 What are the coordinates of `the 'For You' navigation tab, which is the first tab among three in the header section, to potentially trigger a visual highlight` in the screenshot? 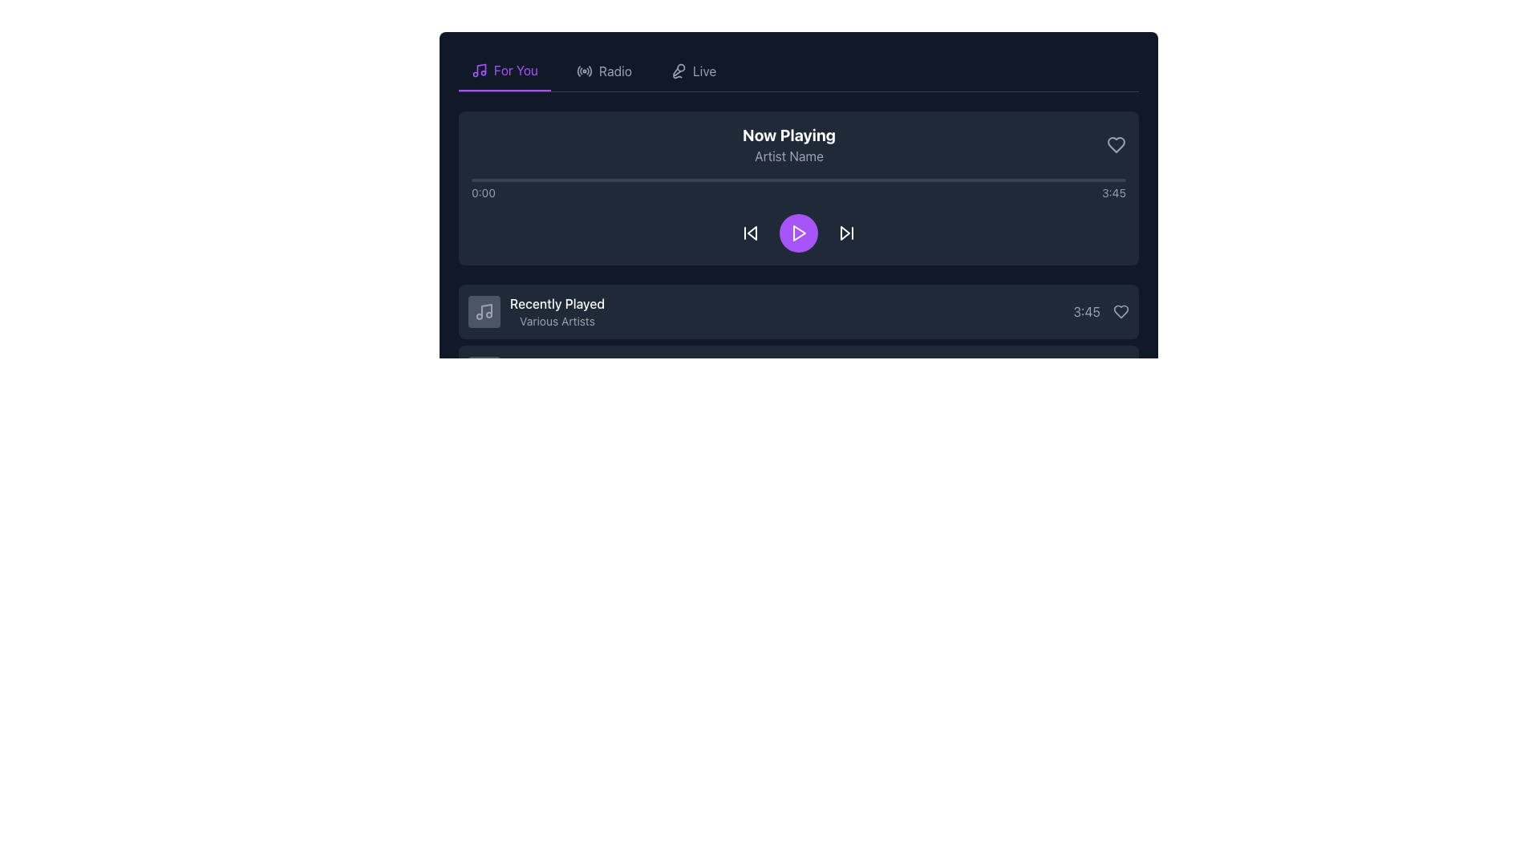 It's located at (504, 70).